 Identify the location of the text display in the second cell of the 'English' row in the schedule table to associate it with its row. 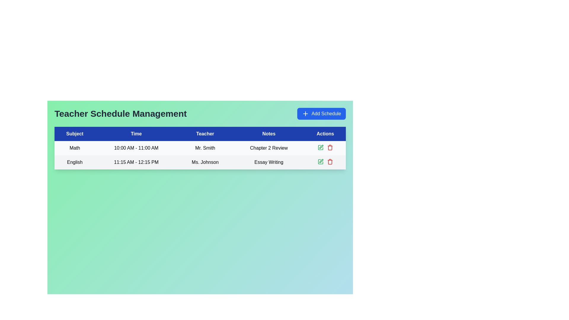
(136, 162).